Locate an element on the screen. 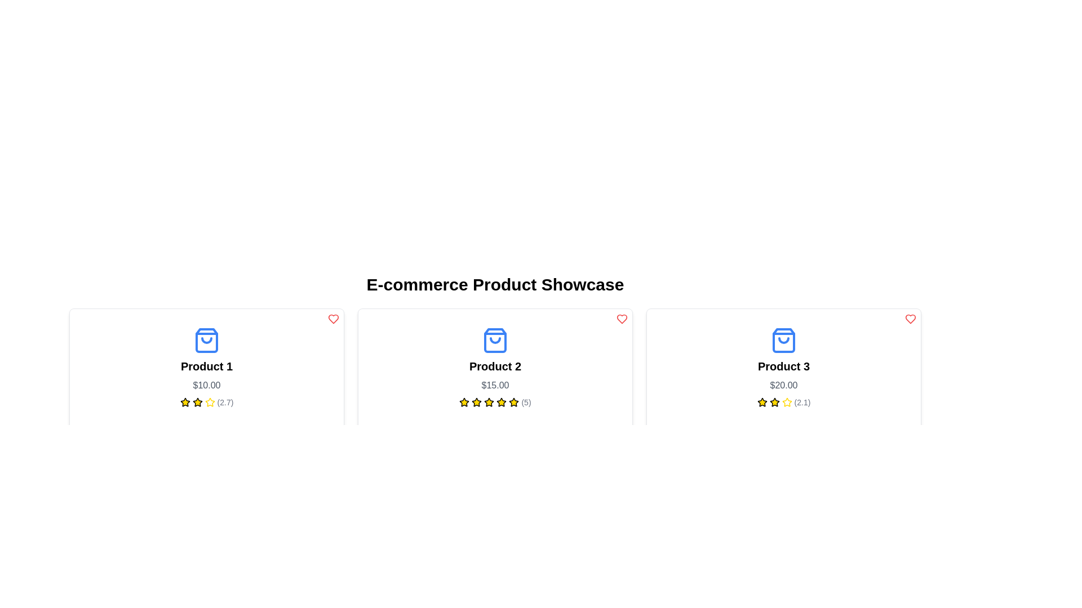 The image size is (1082, 608). the first gold-colored star icon in the star rating row under the Product 2 section is located at coordinates (464, 401).